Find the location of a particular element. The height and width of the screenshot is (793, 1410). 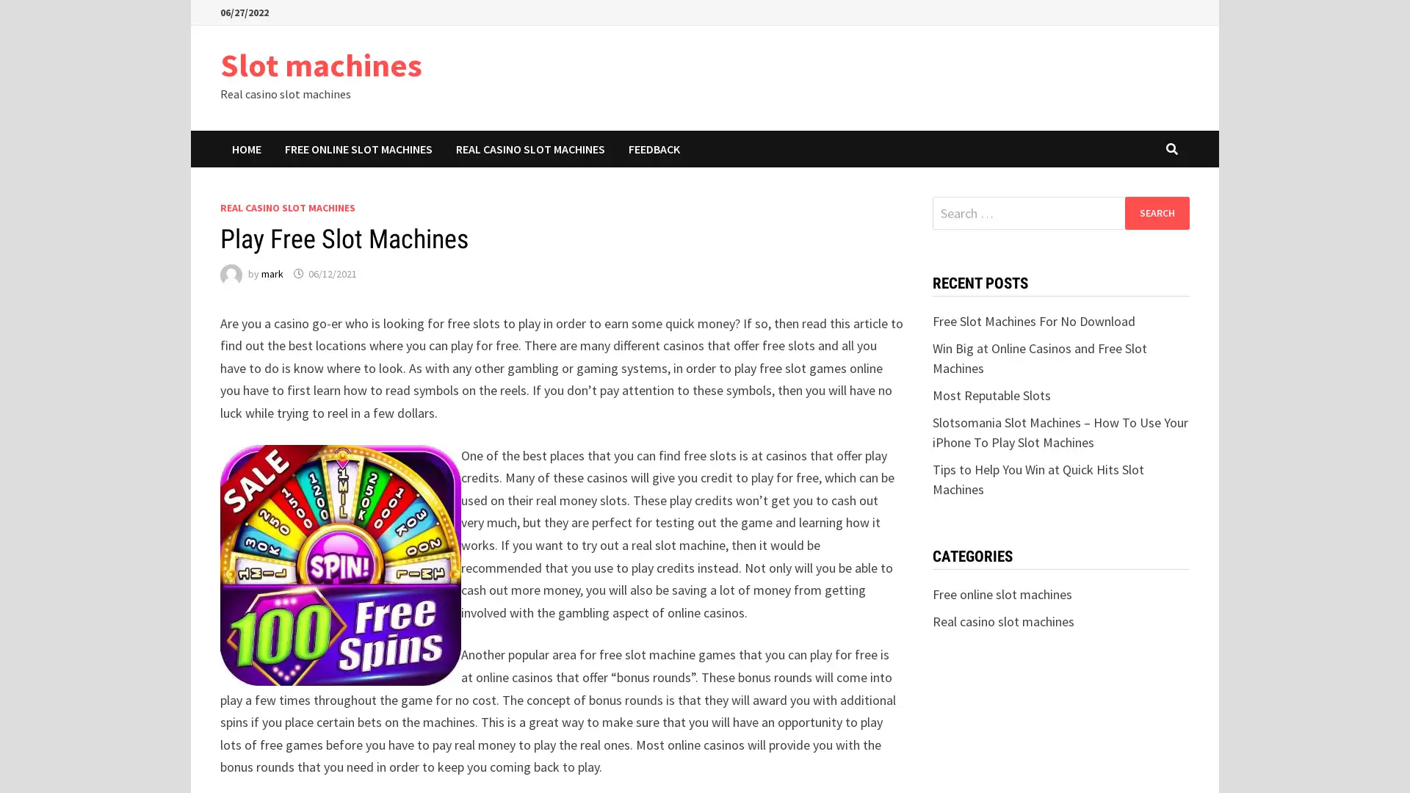

Search is located at coordinates (1156, 212).